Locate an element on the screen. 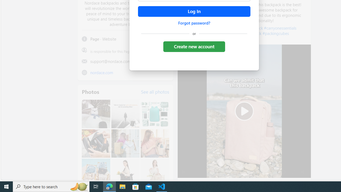  'Accessible login button' is located at coordinates (194, 11).